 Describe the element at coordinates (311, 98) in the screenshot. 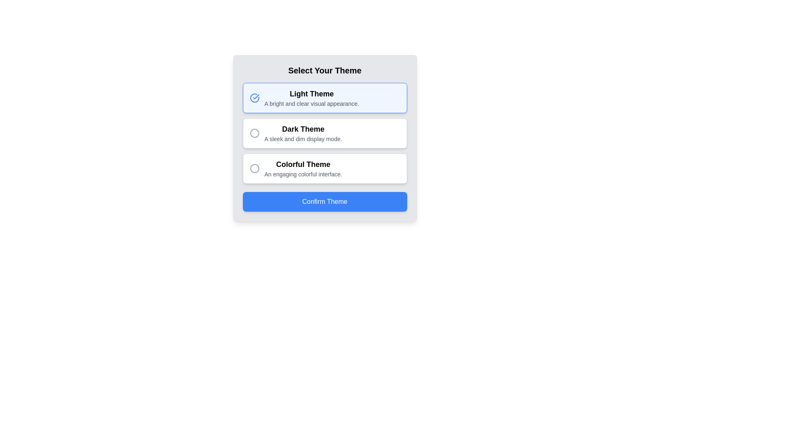

I see `description of the 'Light Theme' text block, which includes a bold title and a descriptive text below it, as it is the first option in the theme selection list` at that location.